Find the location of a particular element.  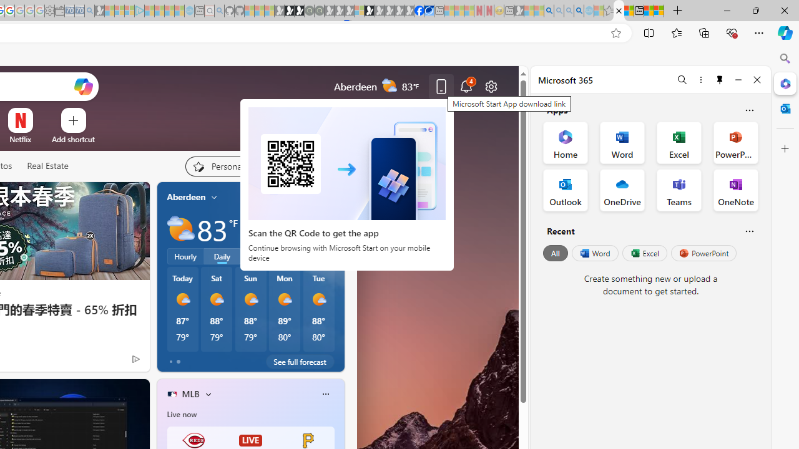

'Is this helpful?' is located at coordinates (749, 231).